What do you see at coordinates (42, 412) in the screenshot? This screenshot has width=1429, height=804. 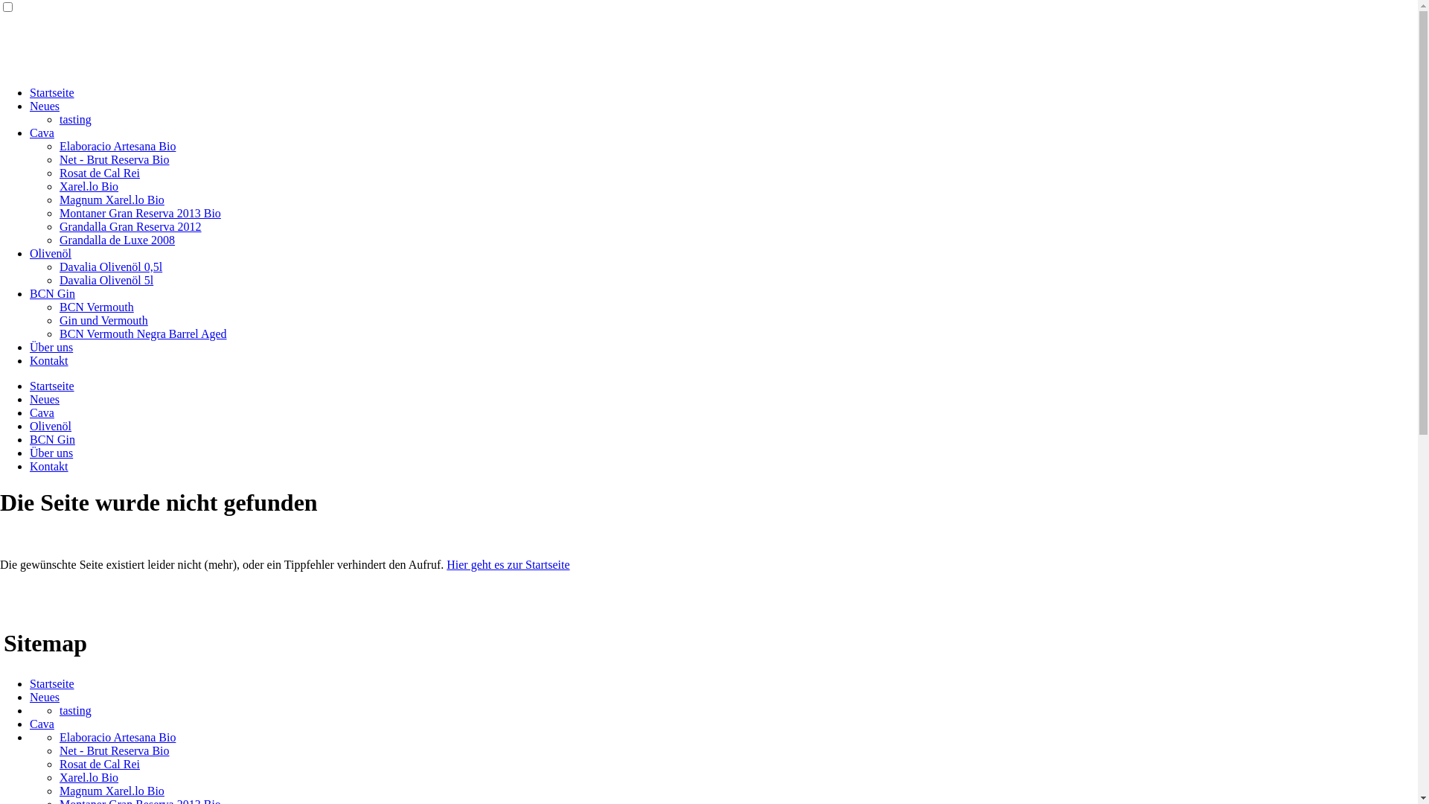 I see `'Cava'` at bounding box center [42, 412].